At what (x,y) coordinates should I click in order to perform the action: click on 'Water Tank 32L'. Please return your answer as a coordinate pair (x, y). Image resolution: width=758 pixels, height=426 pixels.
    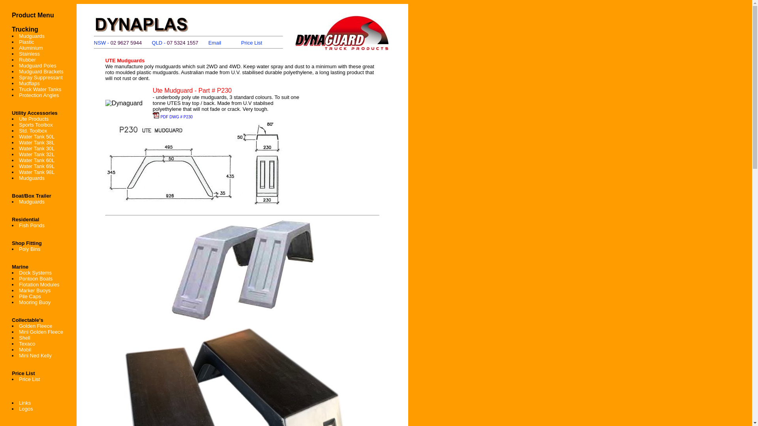
    Looking at the image, I should click on (36, 154).